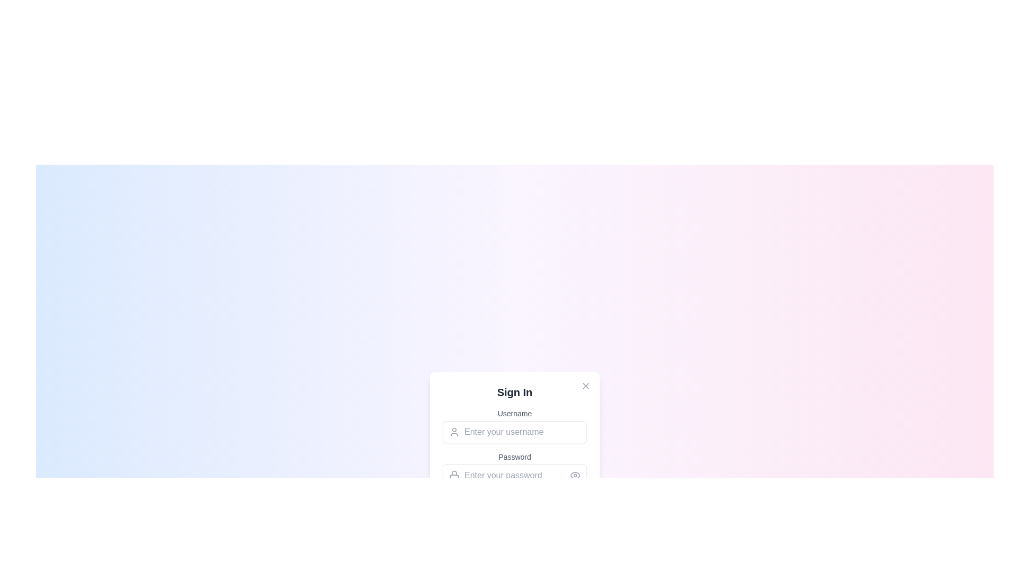  I want to click on the eye icon button located to the right of the password input field in the sign-in form, so click(574, 475).